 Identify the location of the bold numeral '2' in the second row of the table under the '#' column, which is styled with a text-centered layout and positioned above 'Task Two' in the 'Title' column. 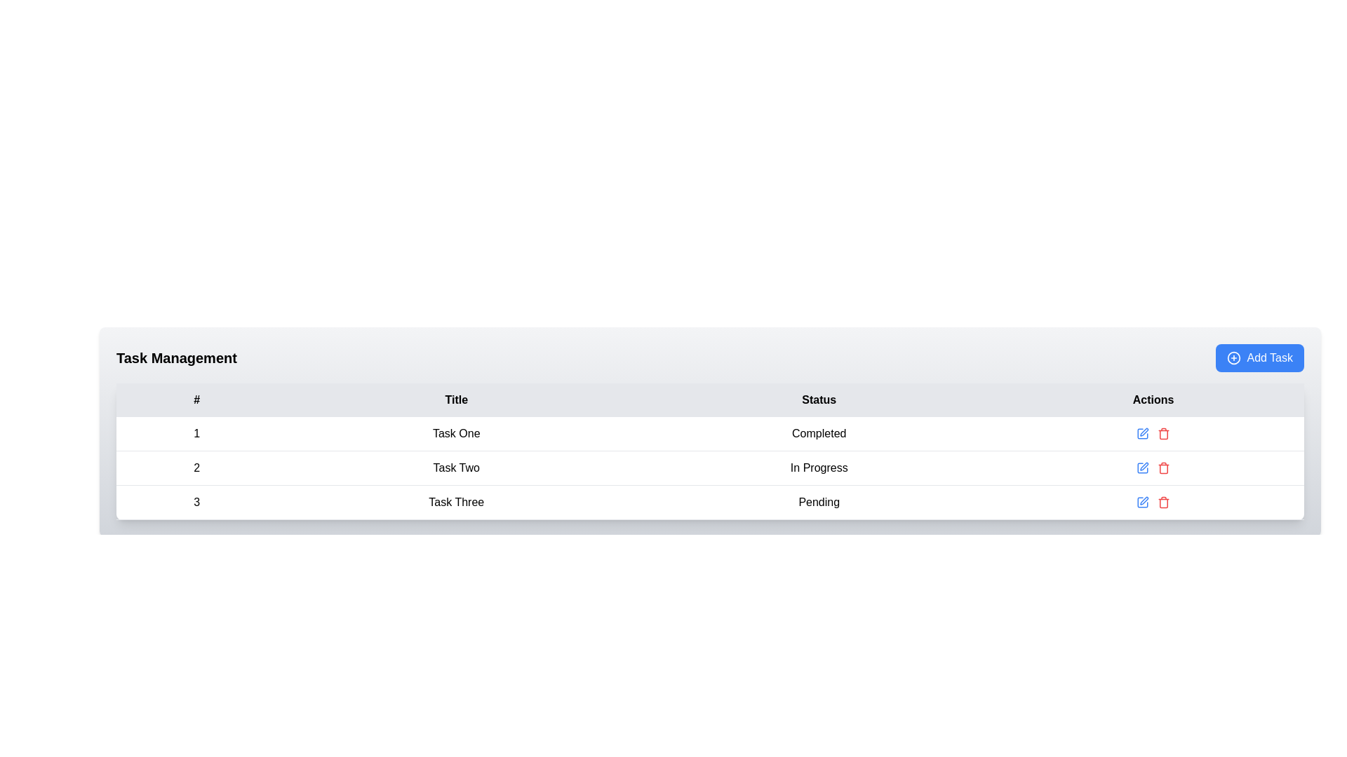
(196, 468).